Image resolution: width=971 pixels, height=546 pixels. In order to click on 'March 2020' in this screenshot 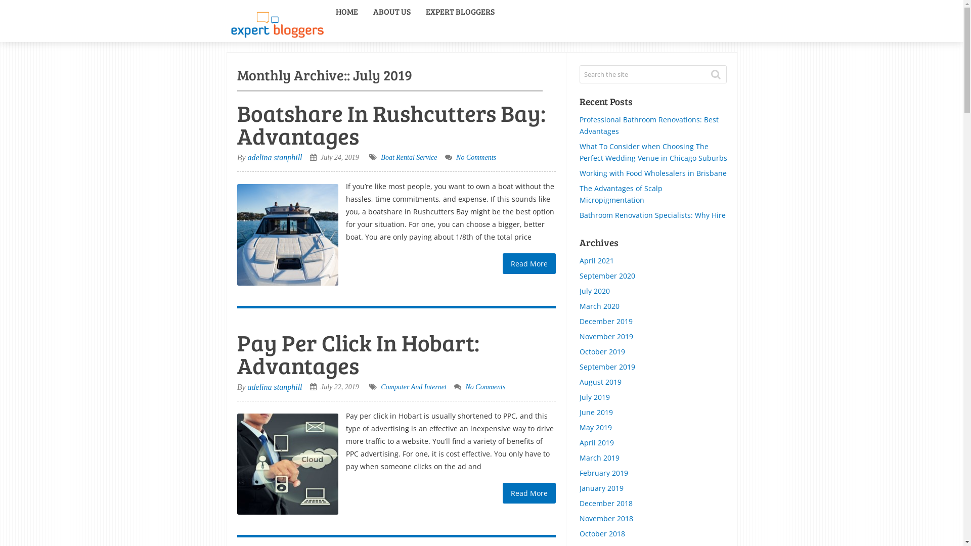, I will do `click(599, 305)`.